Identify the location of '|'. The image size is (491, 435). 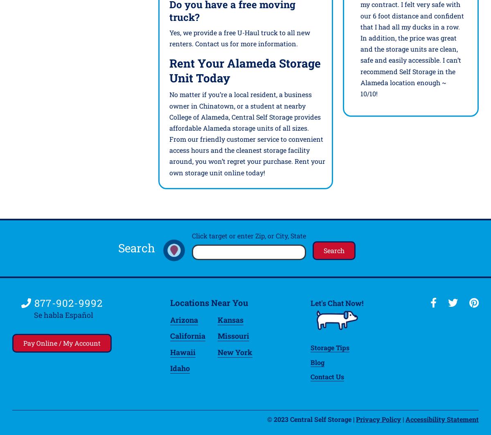
(403, 418).